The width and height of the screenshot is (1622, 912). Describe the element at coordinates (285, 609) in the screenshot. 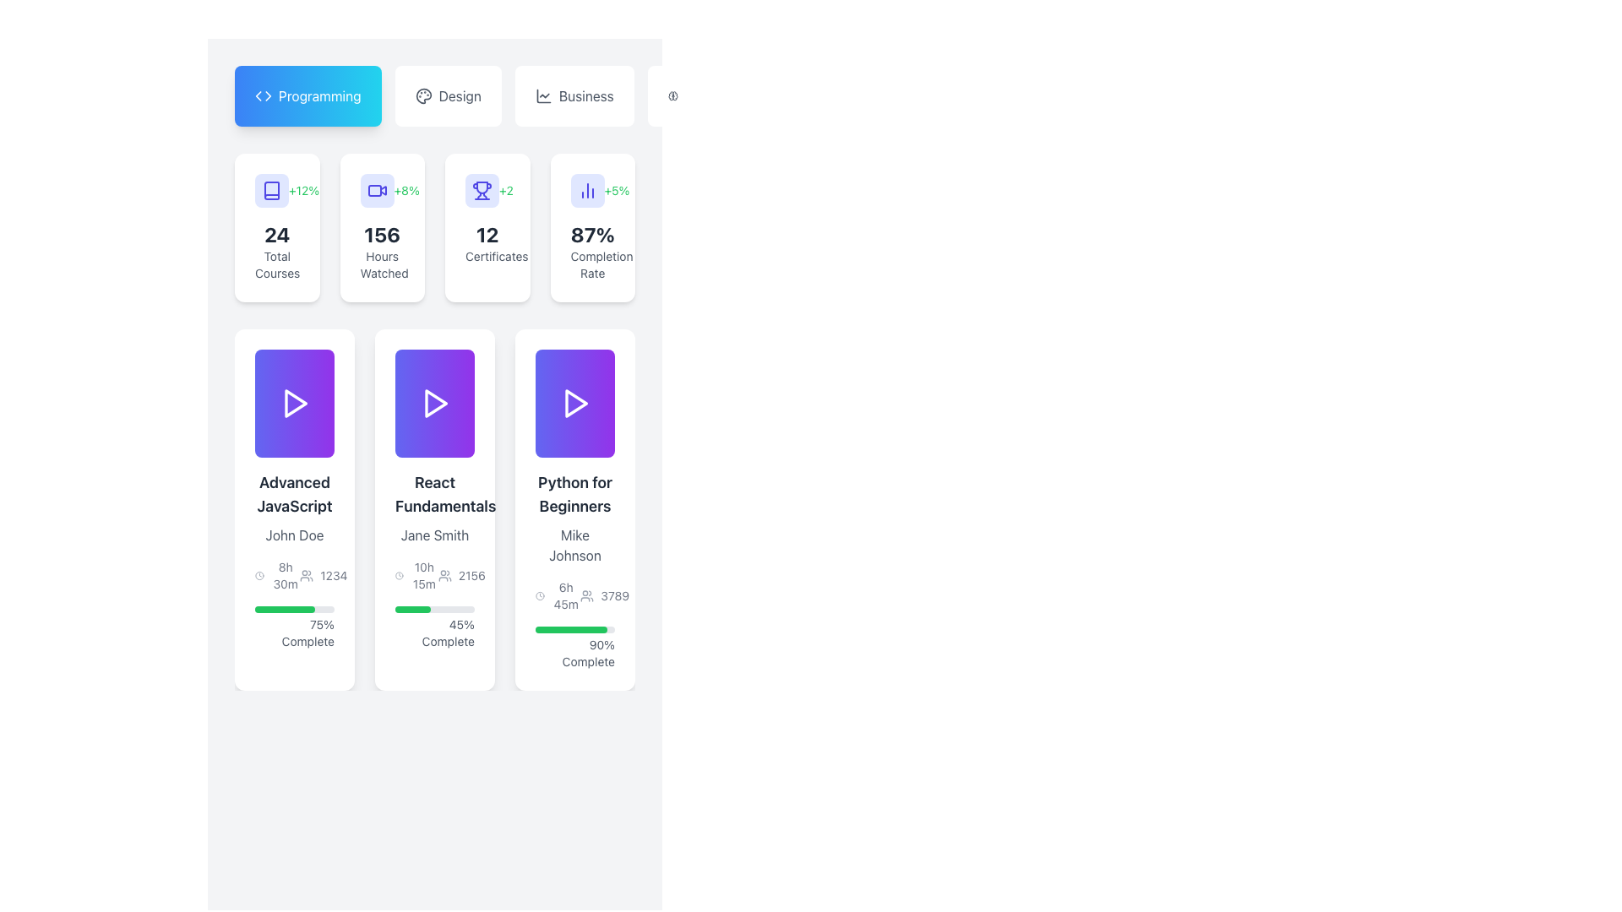

I see `the green progress bar indicating 75% completion in the 'Programming' section of the interface` at that location.